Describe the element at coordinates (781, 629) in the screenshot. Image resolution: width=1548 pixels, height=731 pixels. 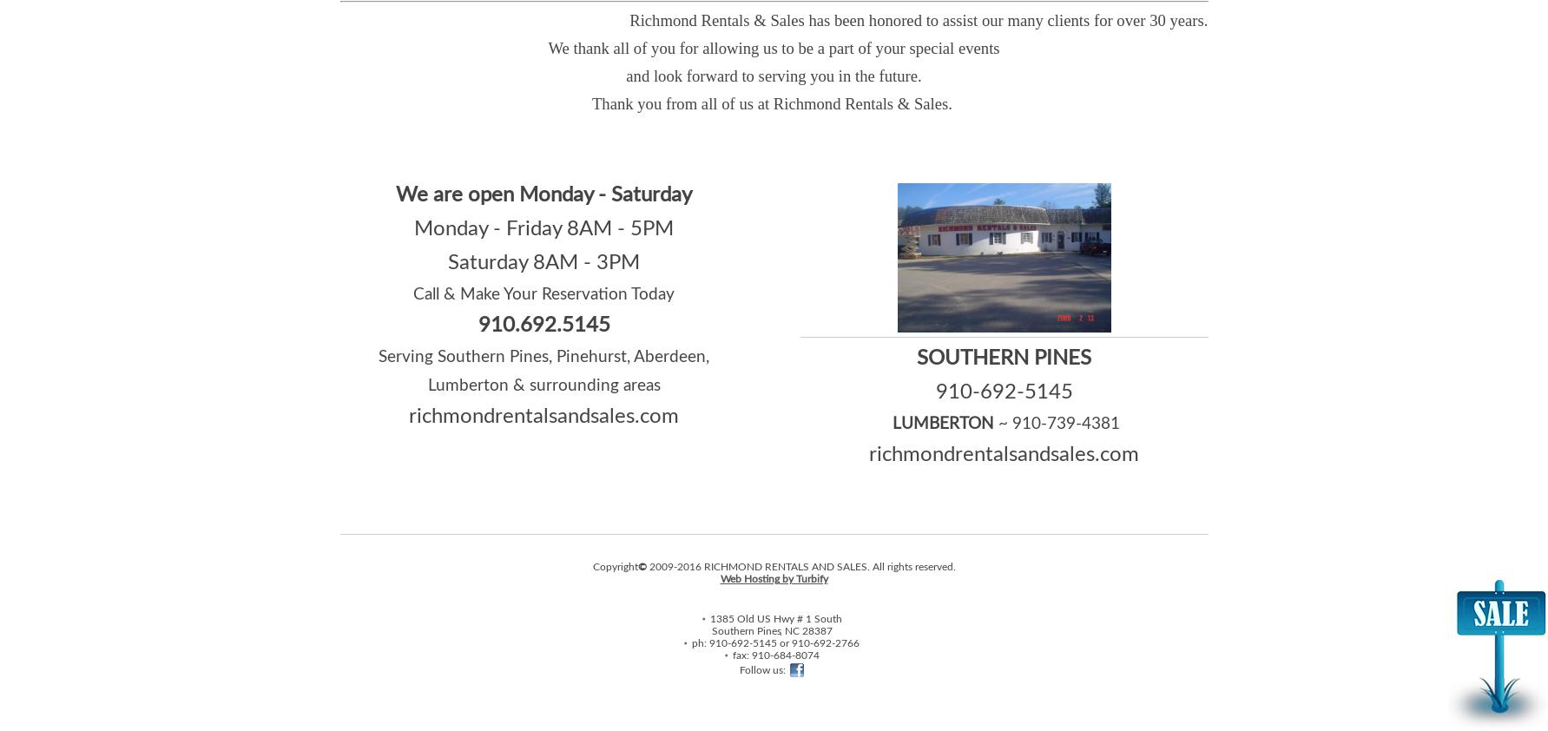
I see `','` at that location.